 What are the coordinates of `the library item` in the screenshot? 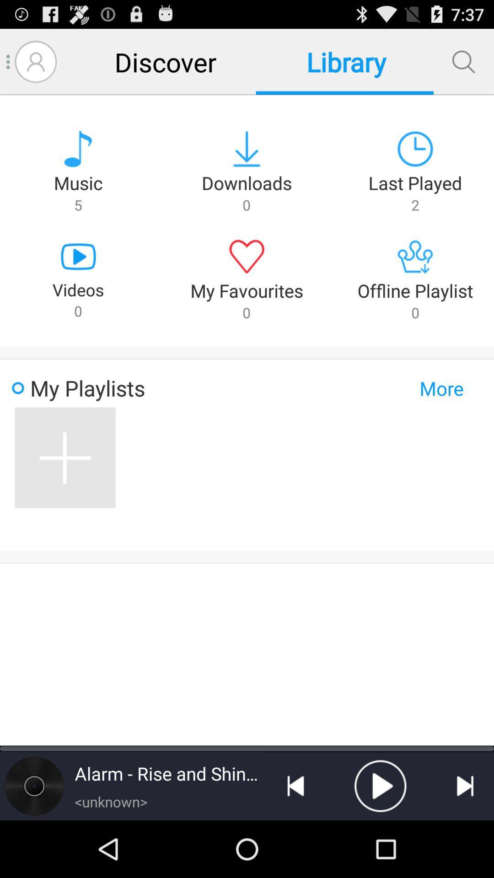 It's located at (344, 61).